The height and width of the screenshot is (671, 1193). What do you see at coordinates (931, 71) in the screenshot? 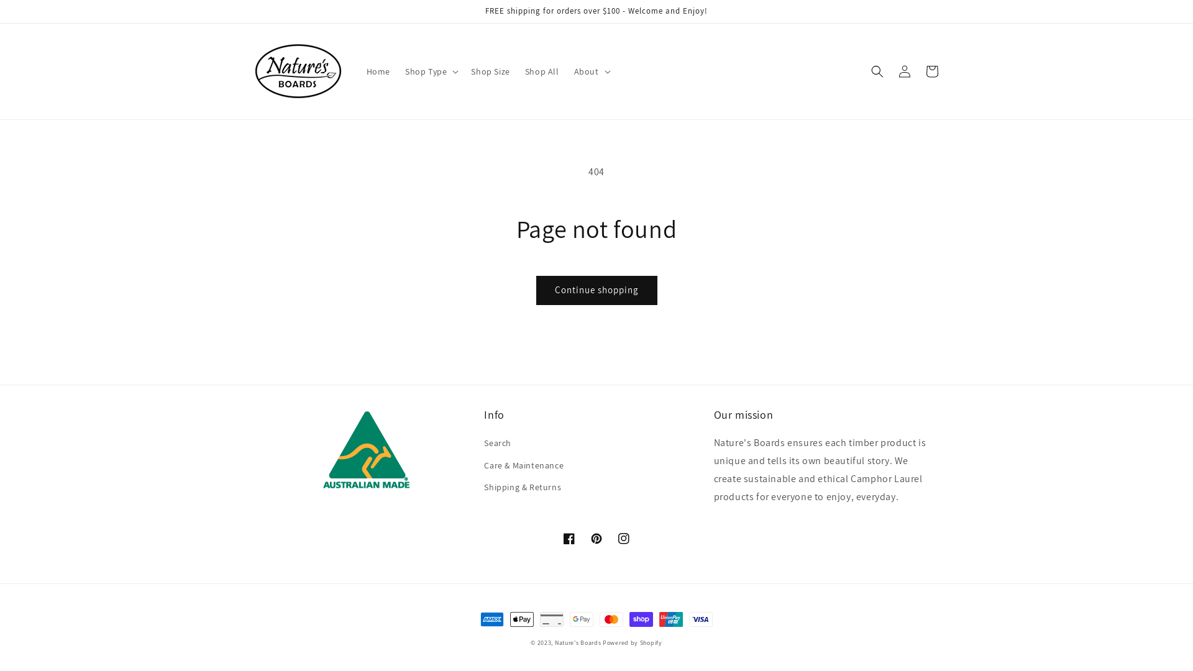
I see `'Cart'` at bounding box center [931, 71].